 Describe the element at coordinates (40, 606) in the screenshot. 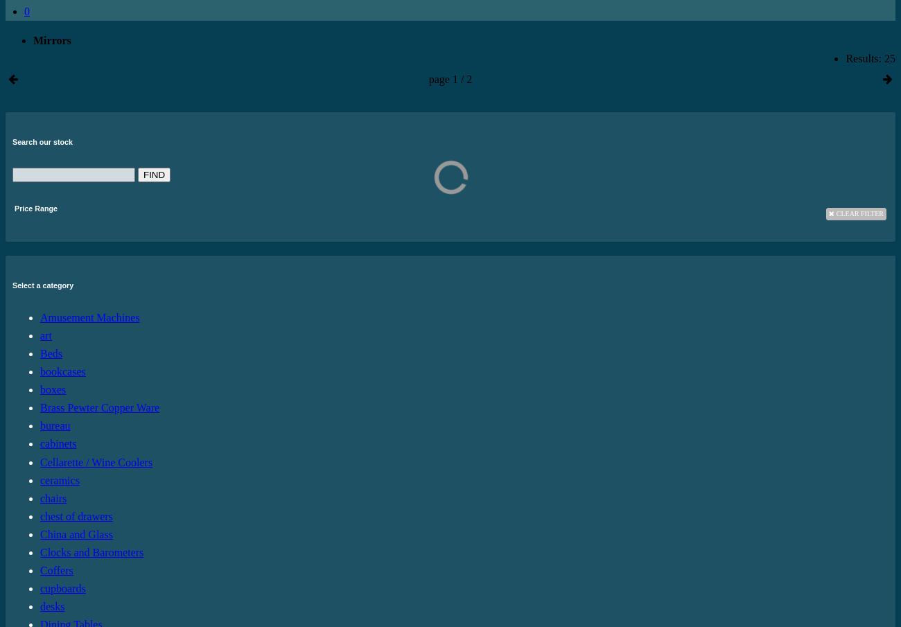

I see `'desks'` at that location.